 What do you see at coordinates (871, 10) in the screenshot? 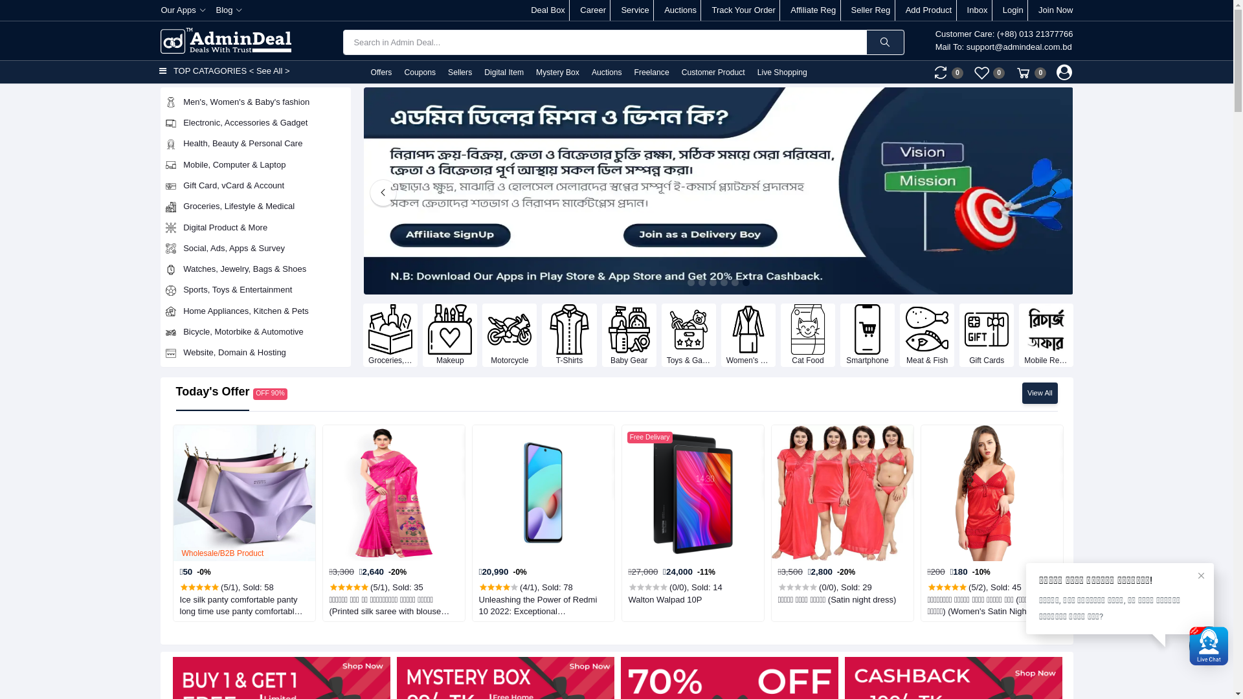
I see `'Seller Reg'` at bounding box center [871, 10].